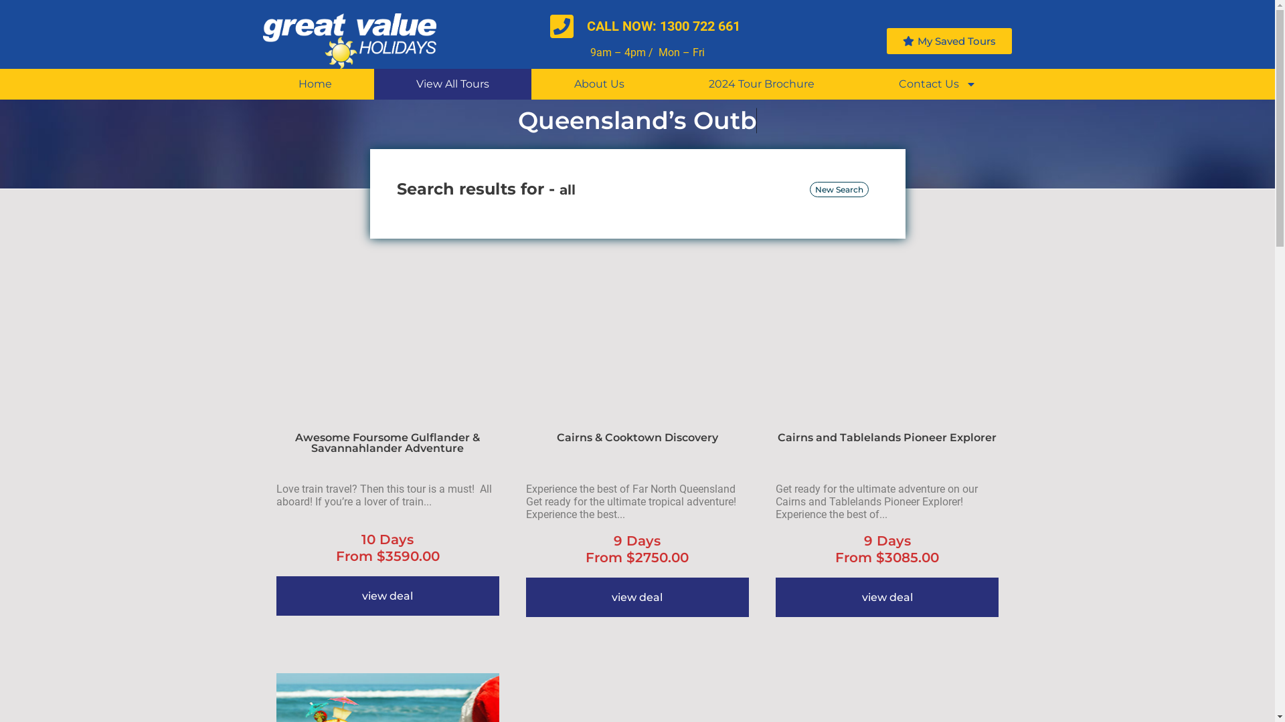 This screenshot has height=722, width=1285. I want to click on 'Contact Us', so click(937, 84).